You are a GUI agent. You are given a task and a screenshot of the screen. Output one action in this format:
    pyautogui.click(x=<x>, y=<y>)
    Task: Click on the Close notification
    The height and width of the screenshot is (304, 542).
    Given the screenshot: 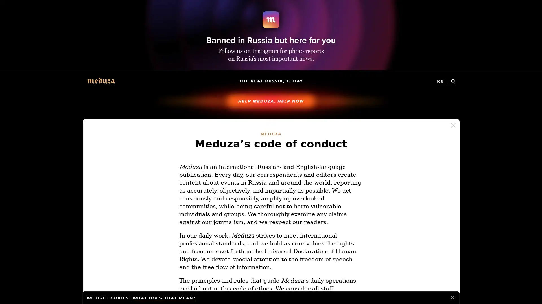 What is the action you would take?
    pyautogui.click(x=453, y=297)
    